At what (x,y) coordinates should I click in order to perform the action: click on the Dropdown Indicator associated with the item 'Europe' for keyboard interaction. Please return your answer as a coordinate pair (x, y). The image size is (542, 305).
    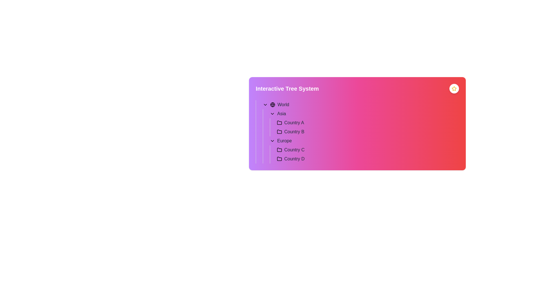
    Looking at the image, I should click on (272, 140).